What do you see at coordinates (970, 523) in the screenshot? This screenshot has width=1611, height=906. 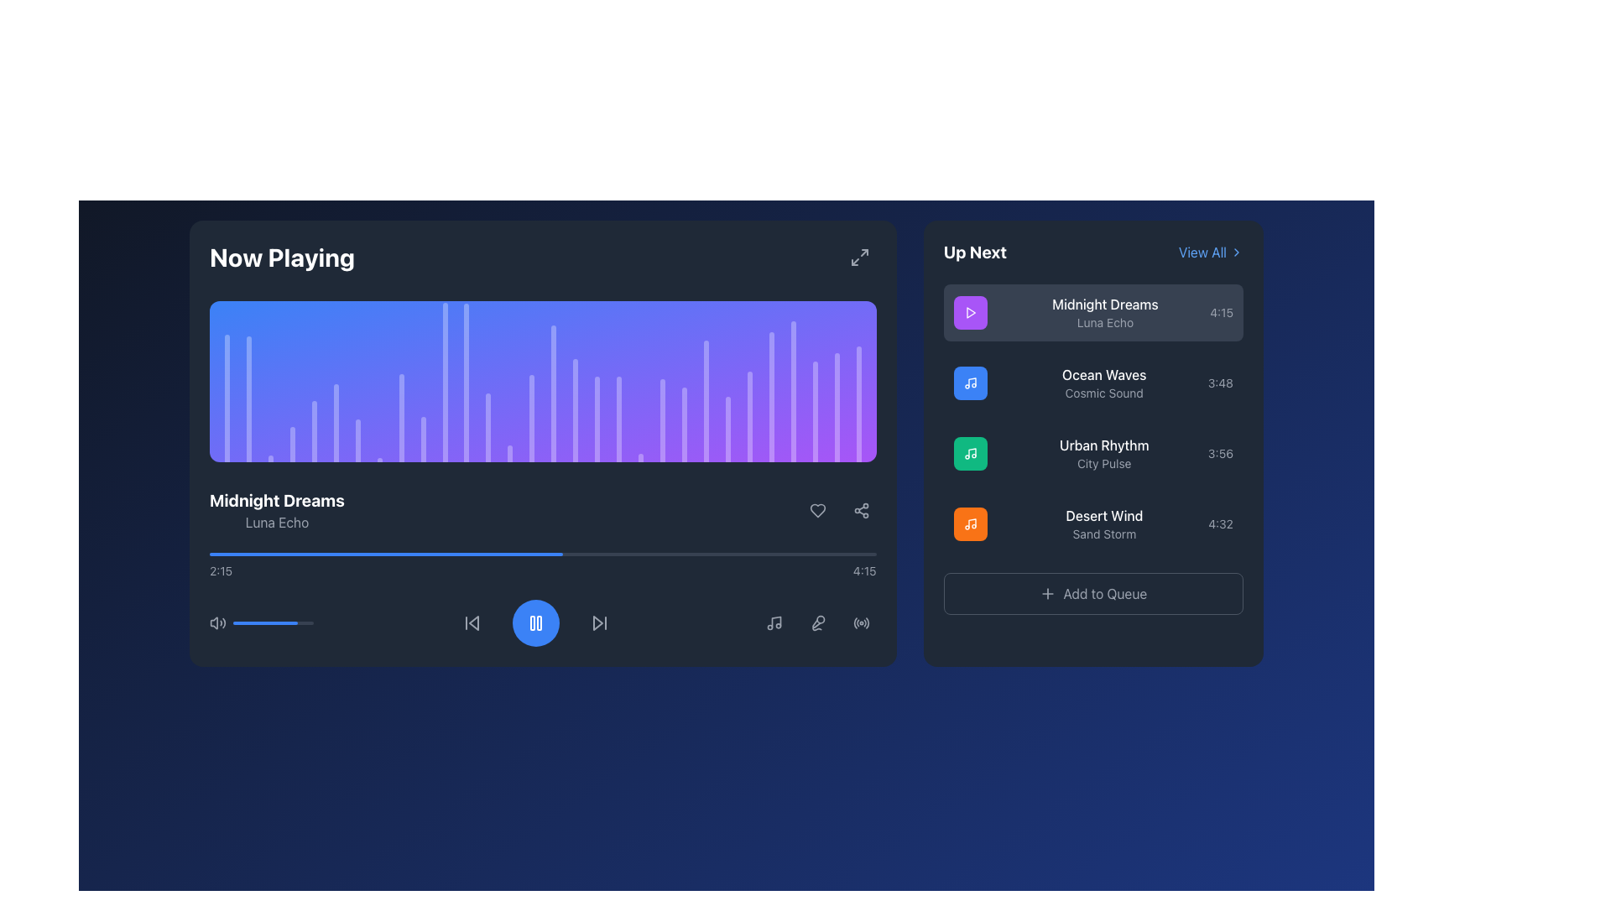 I see `the music icon represented` at bounding box center [970, 523].